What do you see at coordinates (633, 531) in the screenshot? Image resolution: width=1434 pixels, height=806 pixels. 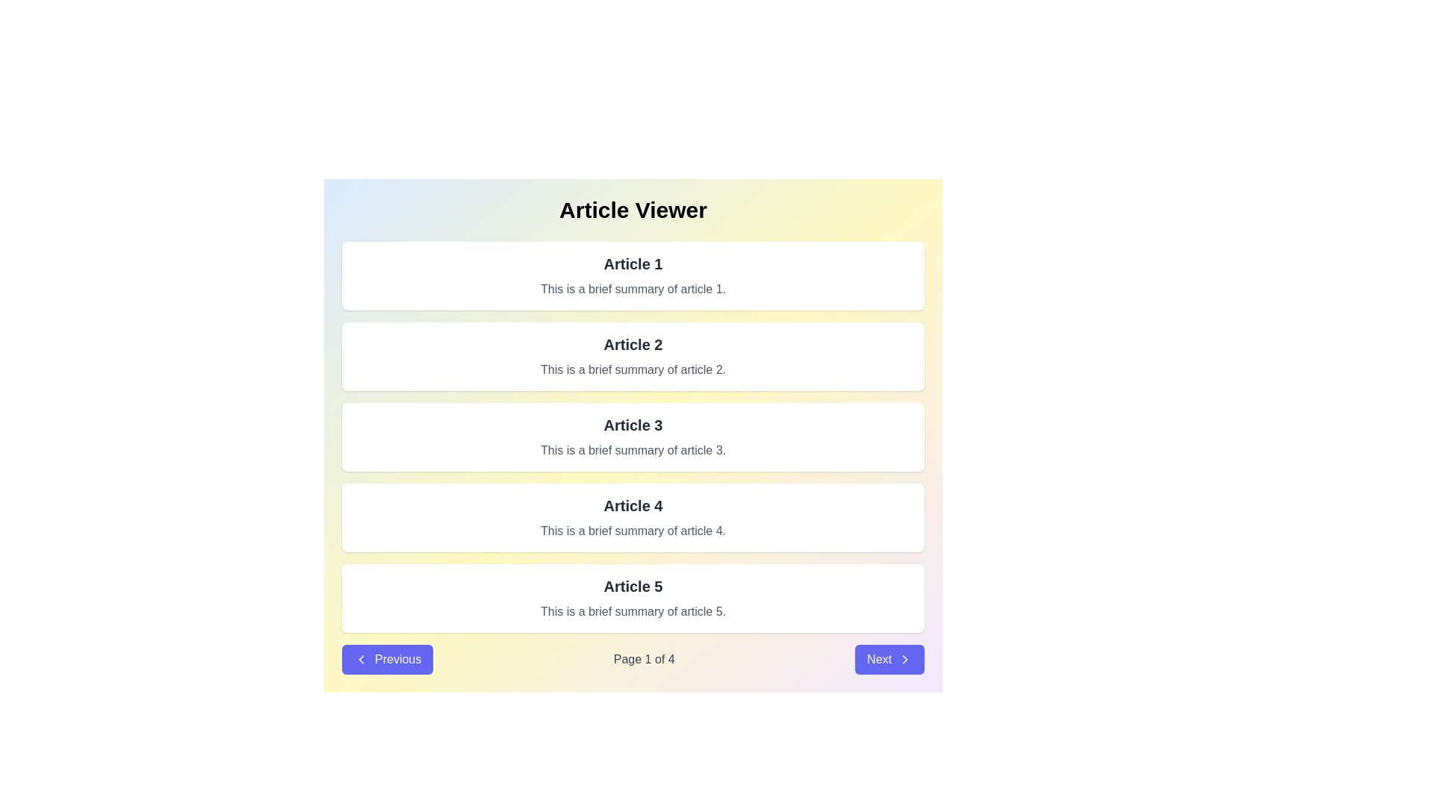 I see `the informational text label that provides a summary of 'Article 4', located within the fourth card from the top in a vertically arranged list` at bounding box center [633, 531].